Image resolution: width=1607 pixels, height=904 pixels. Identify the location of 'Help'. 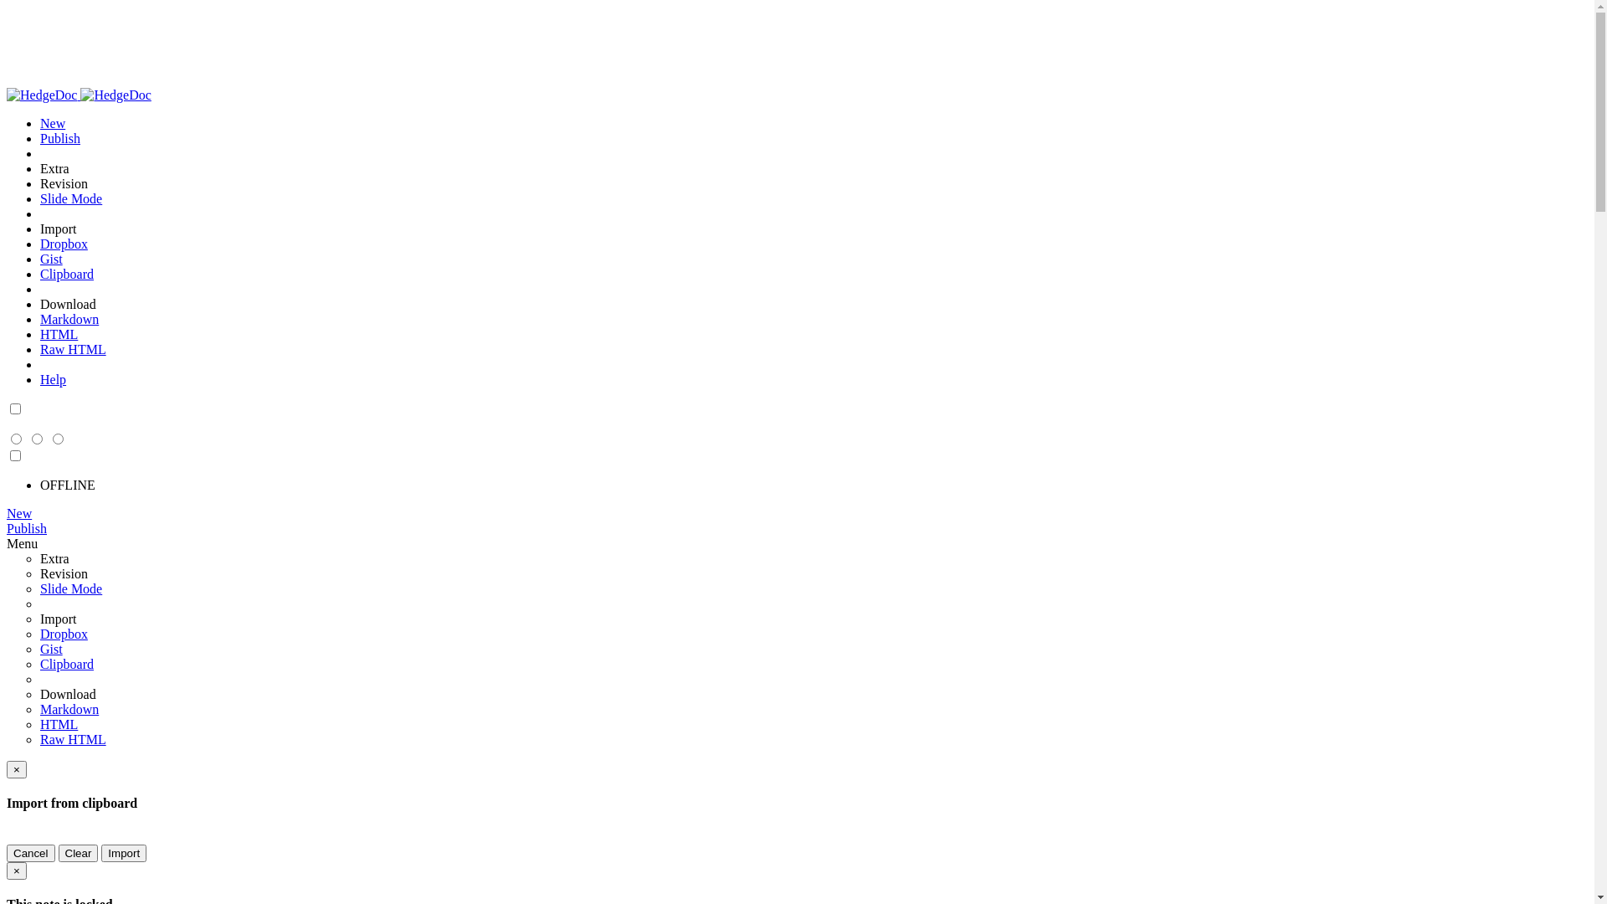
(40, 379).